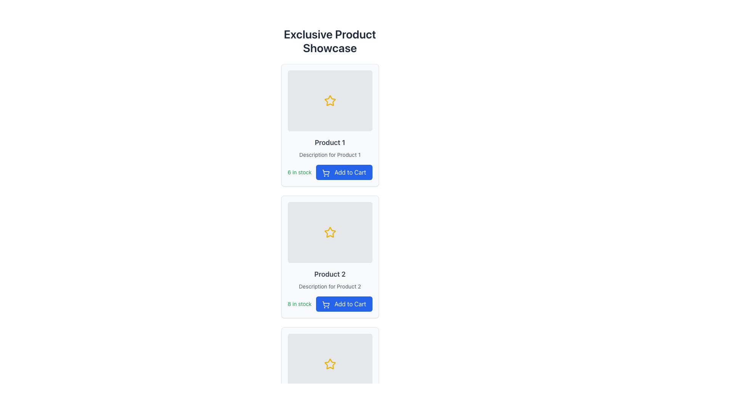 Image resolution: width=732 pixels, height=411 pixels. Describe the element at coordinates (326, 304) in the screenshot. I see `the shopping cart icon, which is part of the 'Add to Cart' button for 'Product 2', to potentially see a tooltip` at that location.